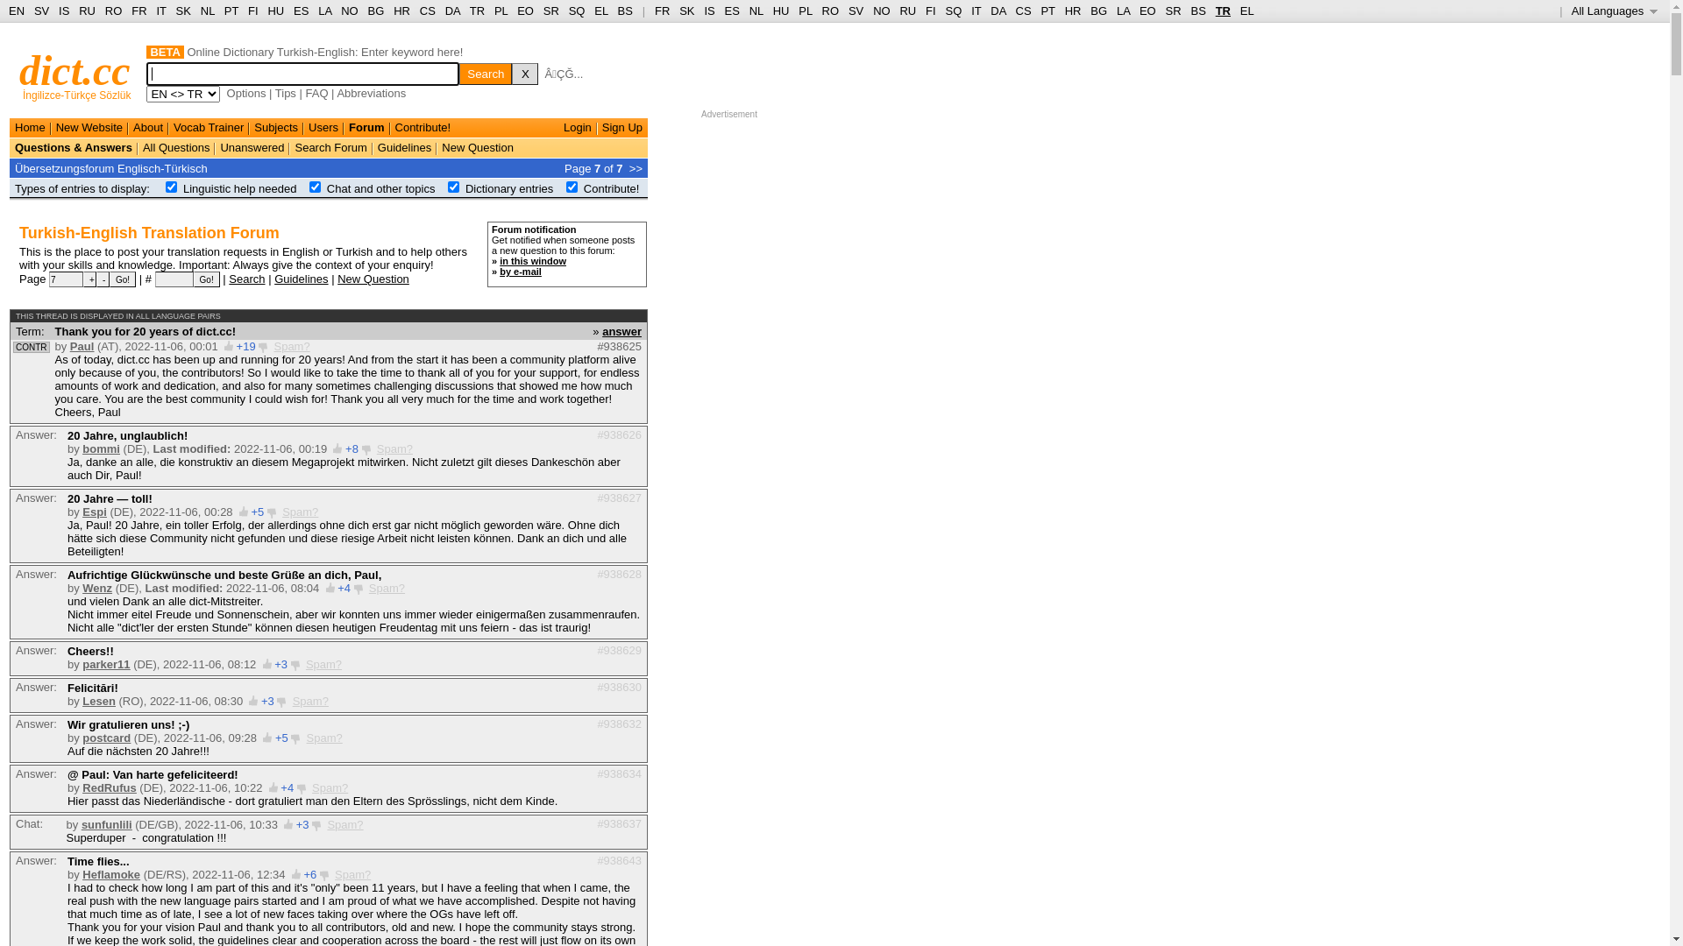 The width and height of the screenshot is (1683, 946). I want to click on 'sunfunlili', so click(80, 824).